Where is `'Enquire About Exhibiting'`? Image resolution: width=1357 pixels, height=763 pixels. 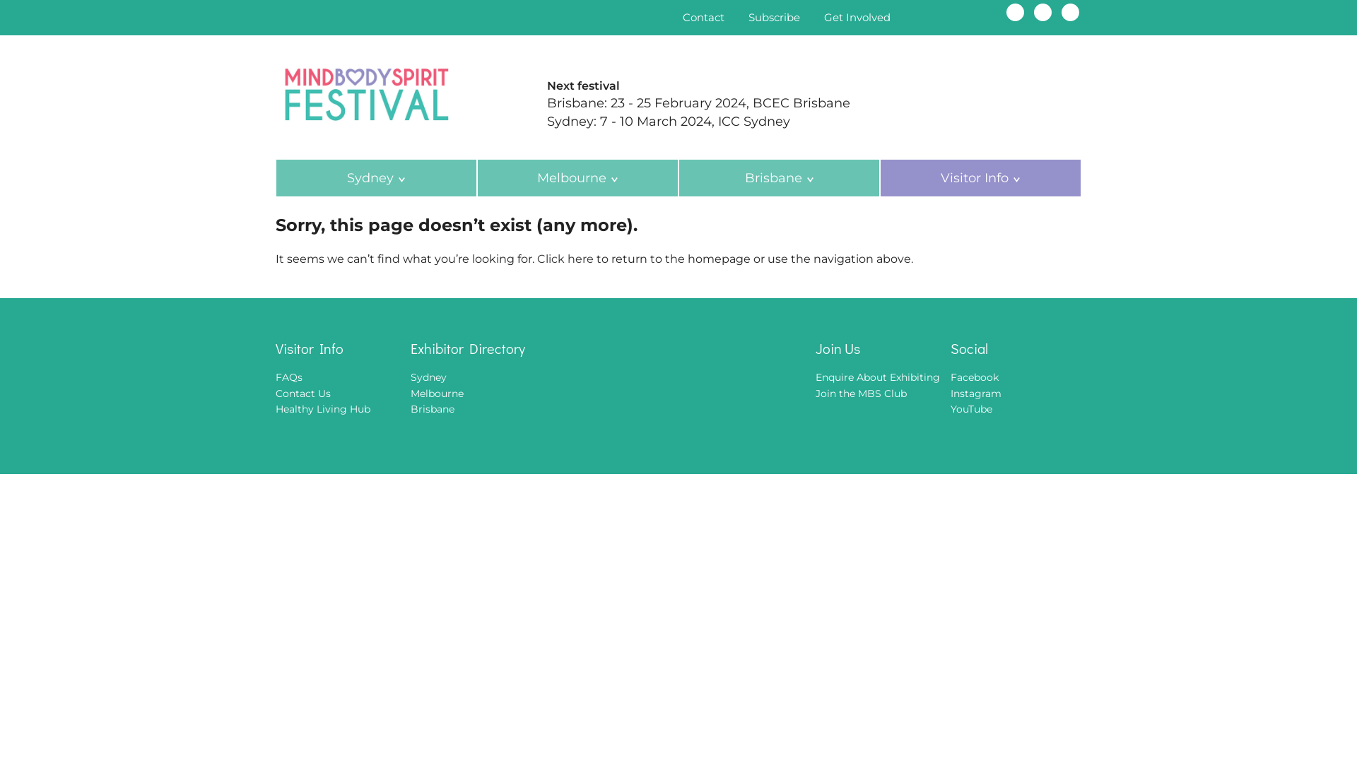 'Enquire About Exhibiting' is located at coordinates (877, 376).